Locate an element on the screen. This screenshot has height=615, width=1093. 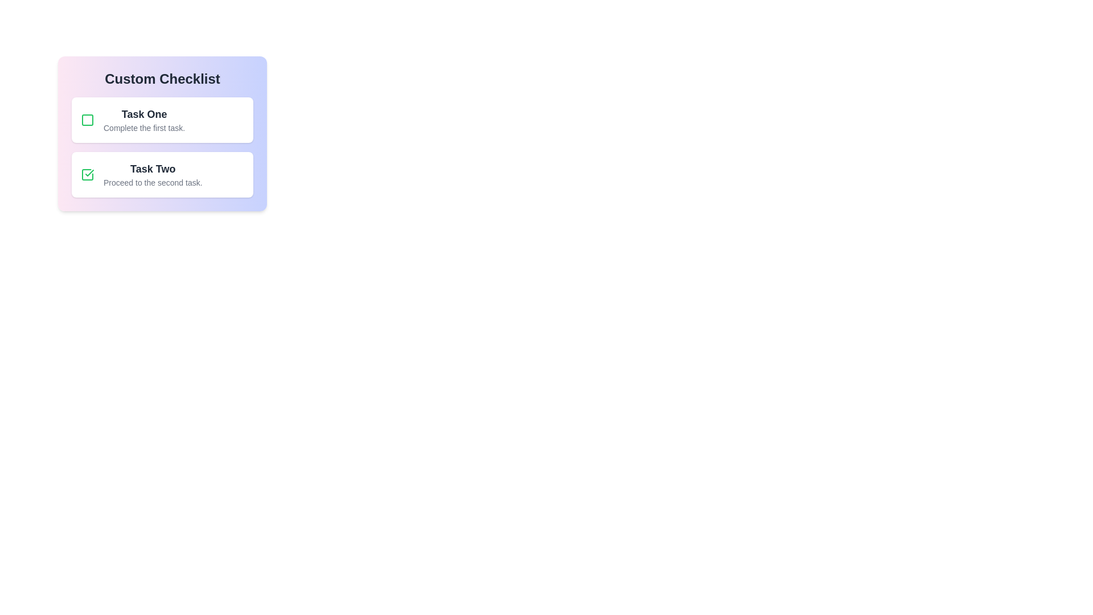
the task item card labeled 'Task One' which features a green checkbox and a white background, positioned at the top of the checklist component is located at coordinates (162, 120).